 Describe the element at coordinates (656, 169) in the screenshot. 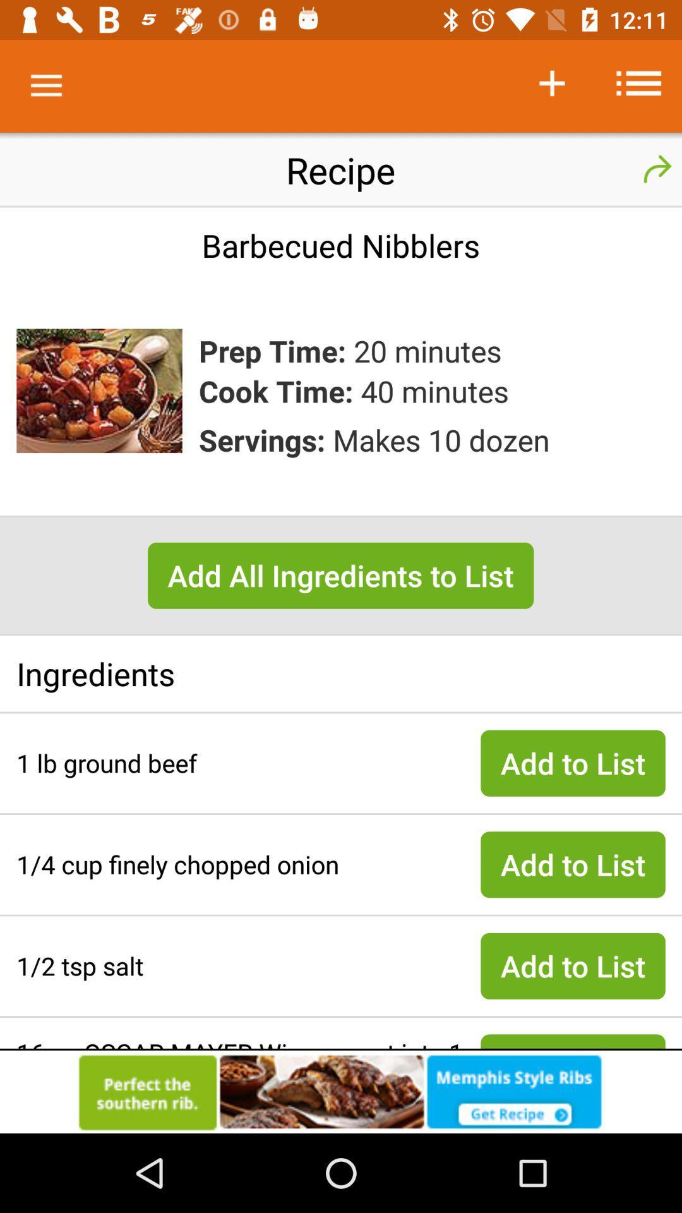

I see `the redo icon` at that location.